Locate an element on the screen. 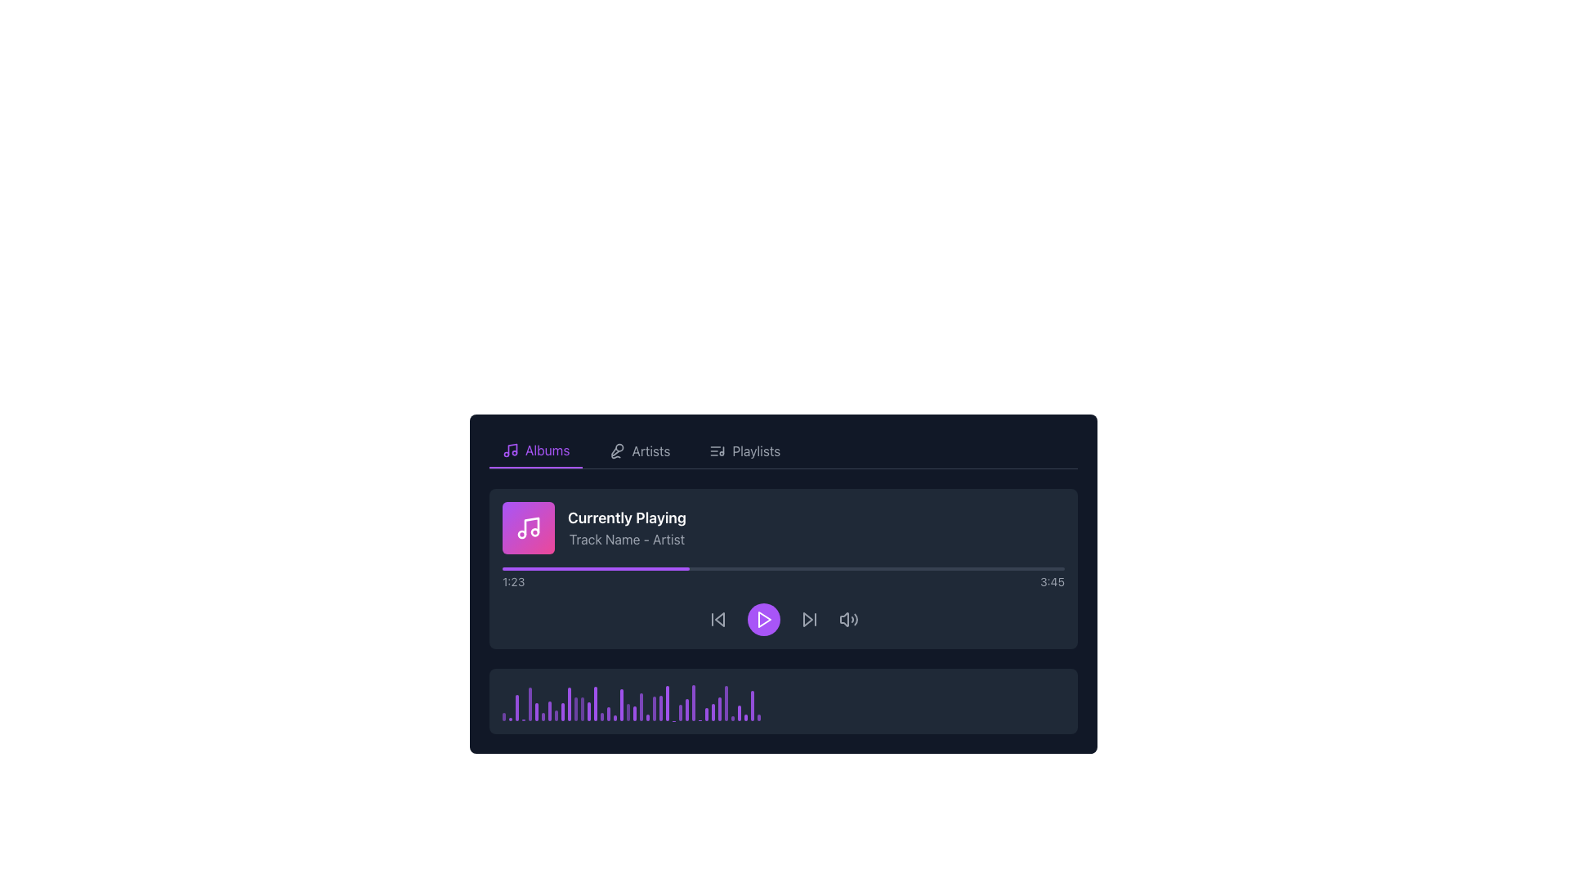 This screenshot has width=1569, height=883. the progress indicator segment of the music player interface, which visually represents the completion percentage of a track or process is located at coordinates (595, 567).